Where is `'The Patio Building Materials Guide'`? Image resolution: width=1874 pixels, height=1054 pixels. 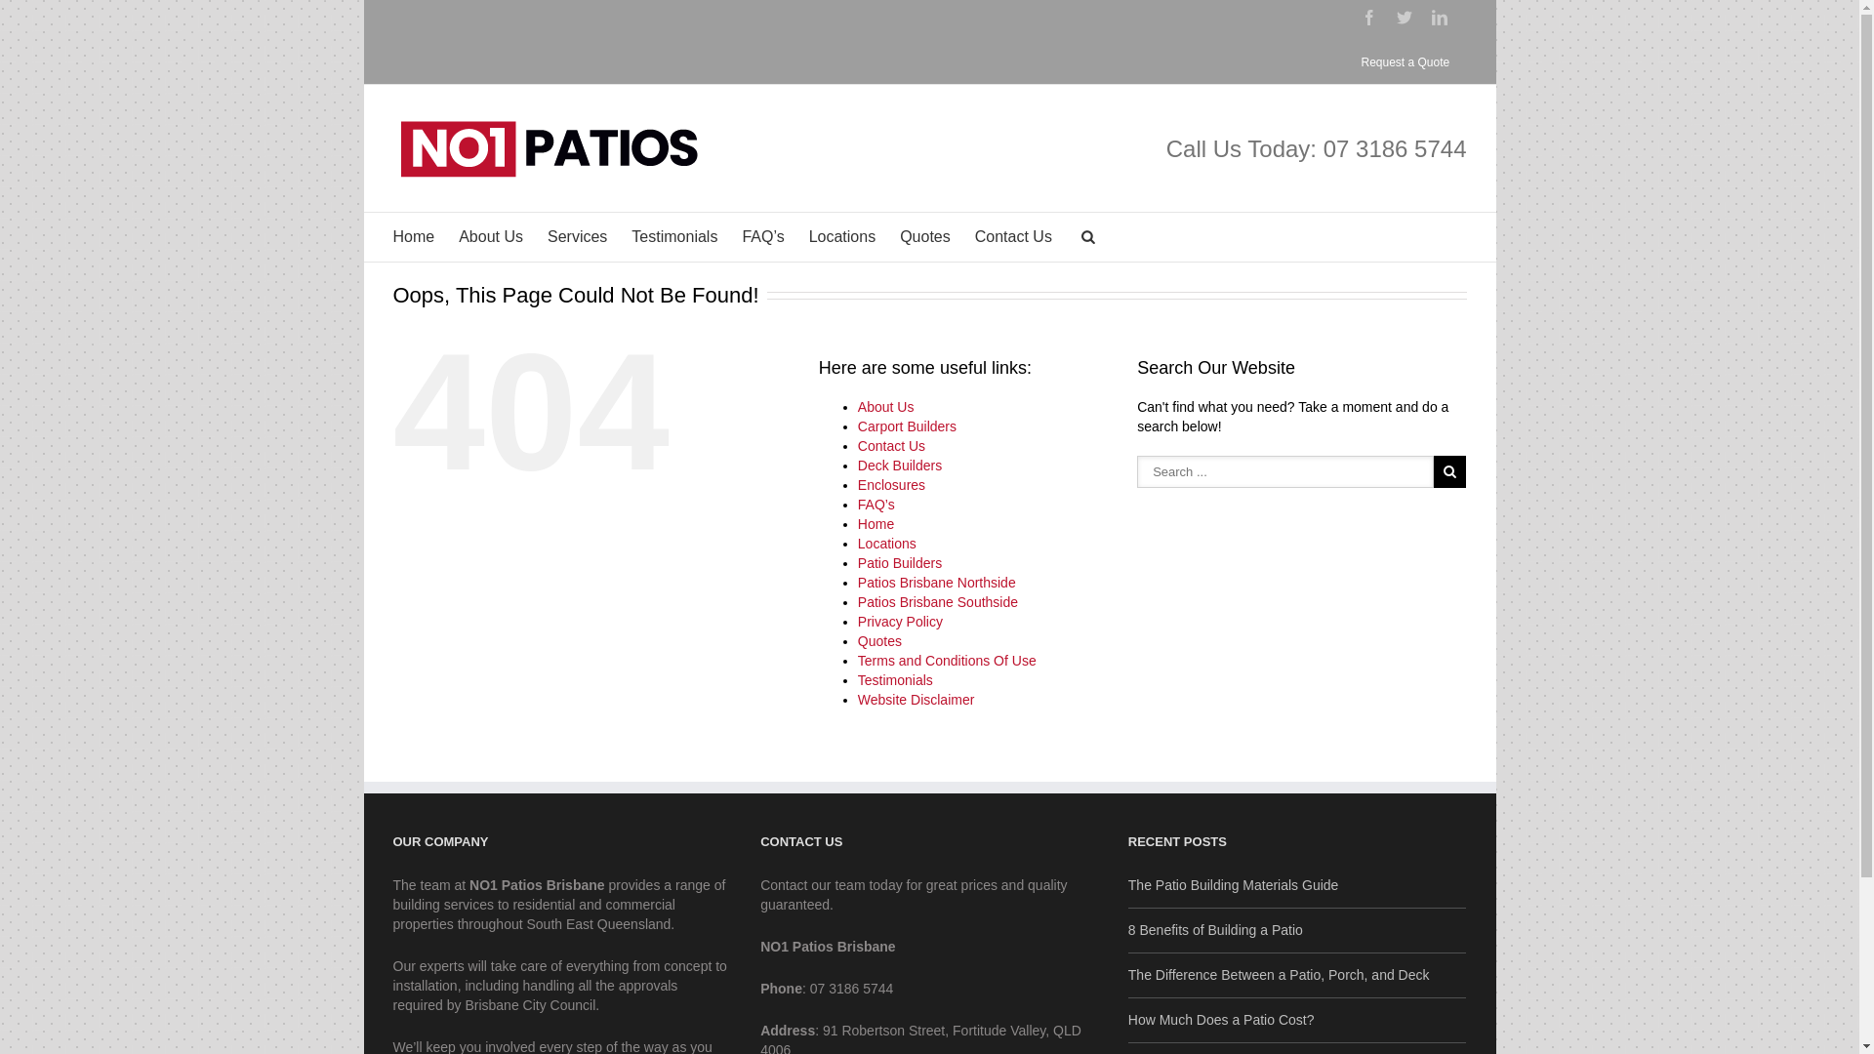 'The Patio Building Materials Guide' is located at coordinates (1297, 885).